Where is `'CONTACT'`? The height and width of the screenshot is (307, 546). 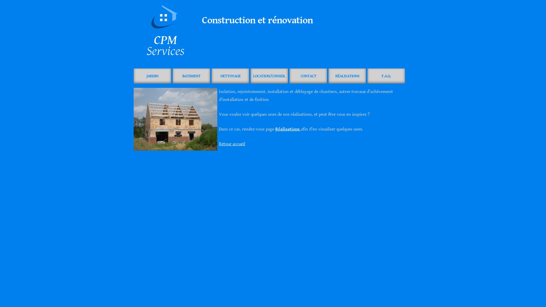 'CONTACT' is located at coordinates (308, 76).